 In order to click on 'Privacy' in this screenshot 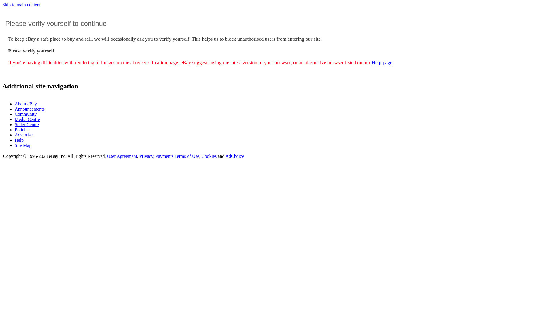, I will do `click(139, 156)`.